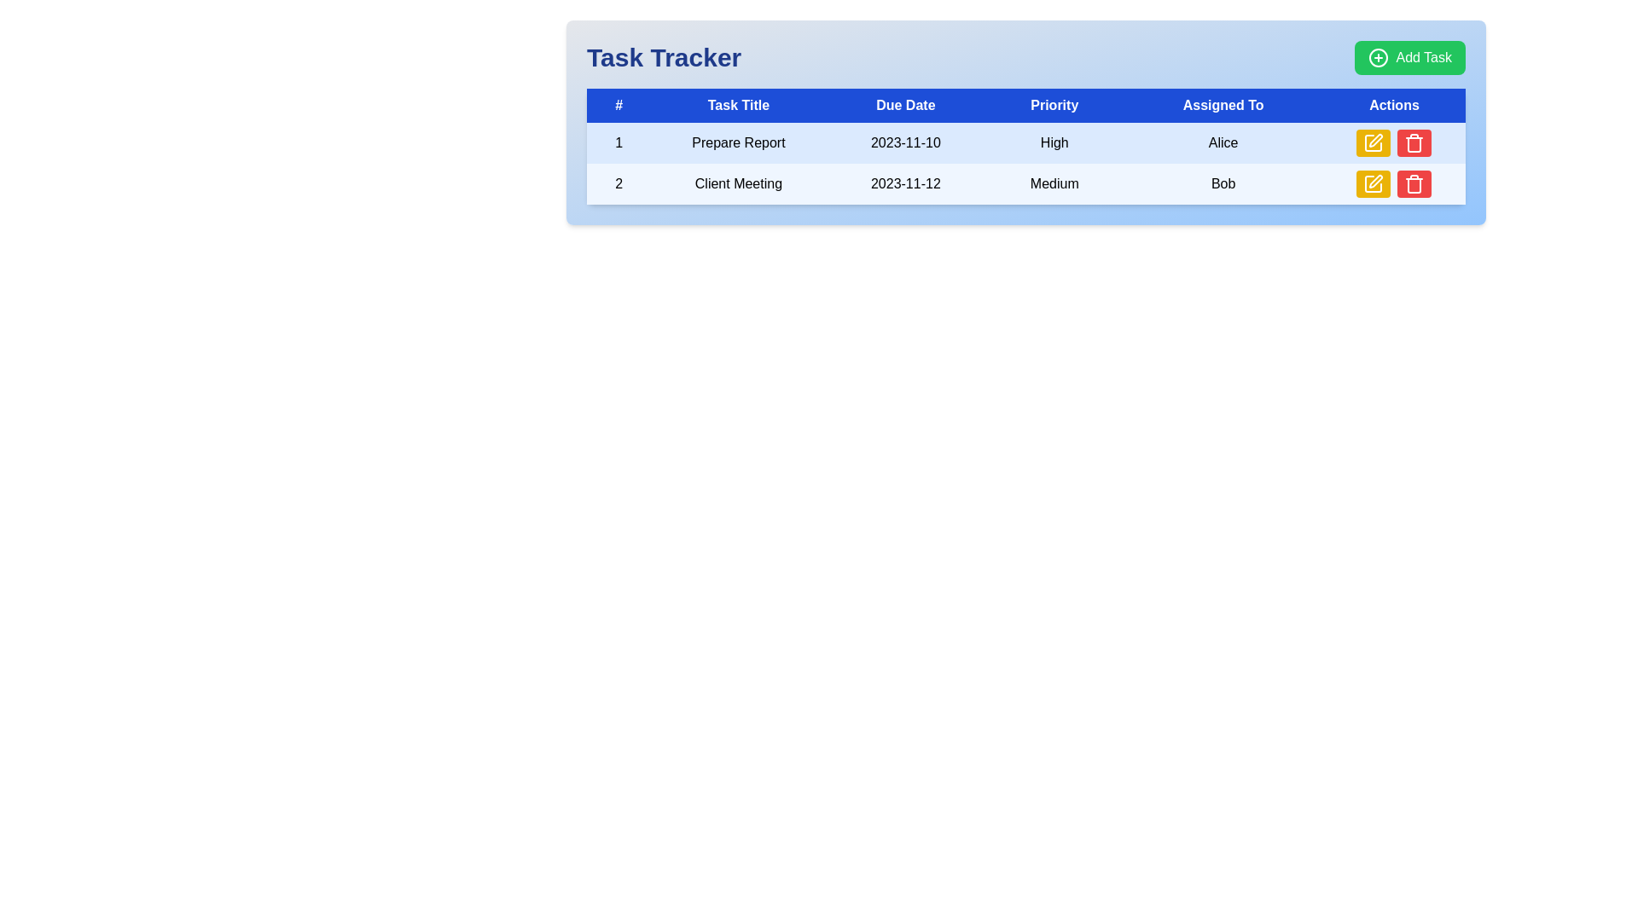  Describe the element at coordinates (1373, 184) in the screenshot. I see `the edit icon located in the second row of the 'Actions' column in the 'Task Tracker' section to initiate editing for the associated task` at that location.